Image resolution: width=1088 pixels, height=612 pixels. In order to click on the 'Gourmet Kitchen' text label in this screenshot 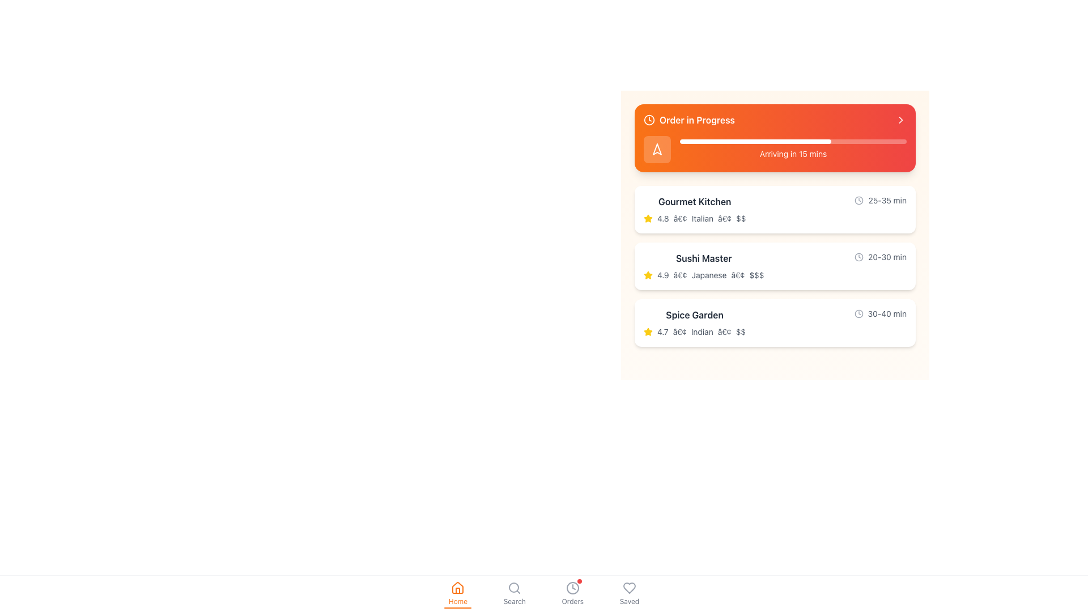, I will do `click(694, 201)`.